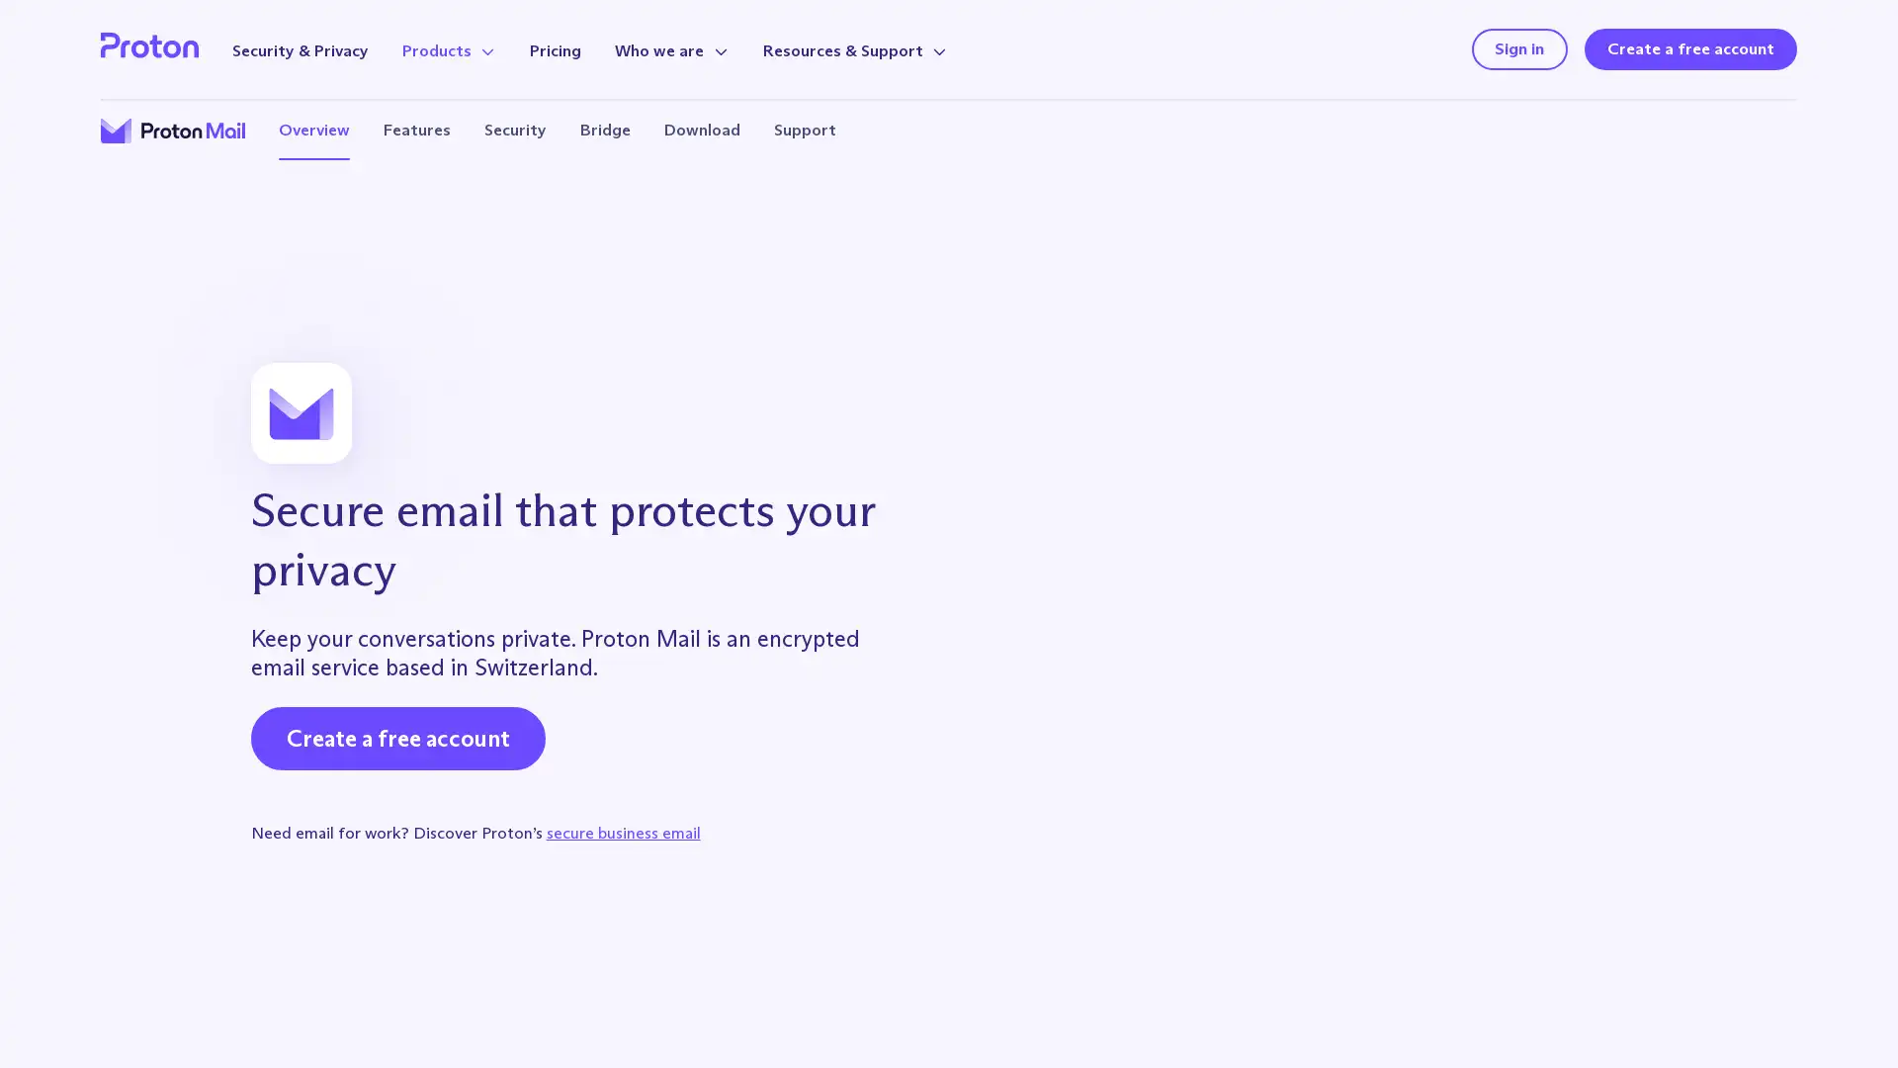 The image size is (1898, 1068). Describe the element at coordinates (671, 49) in the screenshot. I see `Who we are` at that location.